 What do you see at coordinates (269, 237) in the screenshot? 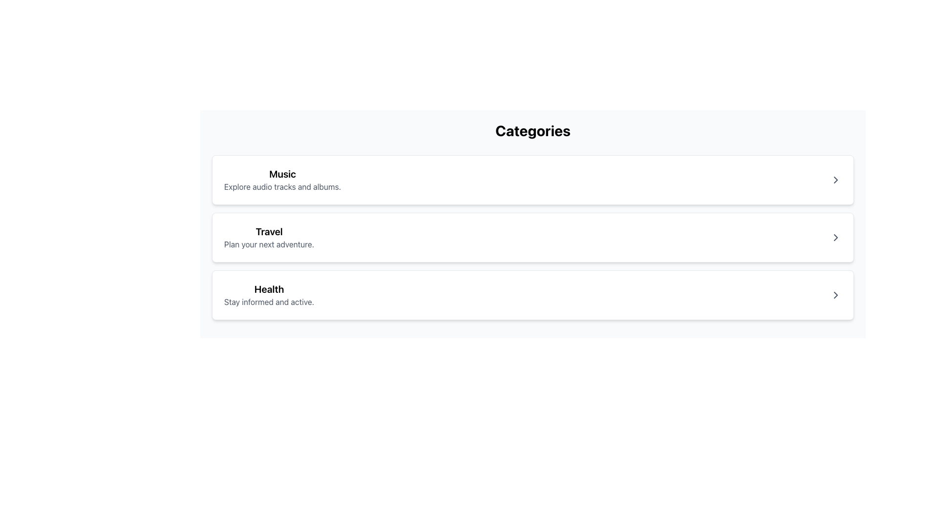
I see `the text label that contains 'Travel' in bold and larger font, with the second line reading 'Plan your next adventure.' positioned in the center of the second row of a vertically stacked list` at bounding box center [269, 237].